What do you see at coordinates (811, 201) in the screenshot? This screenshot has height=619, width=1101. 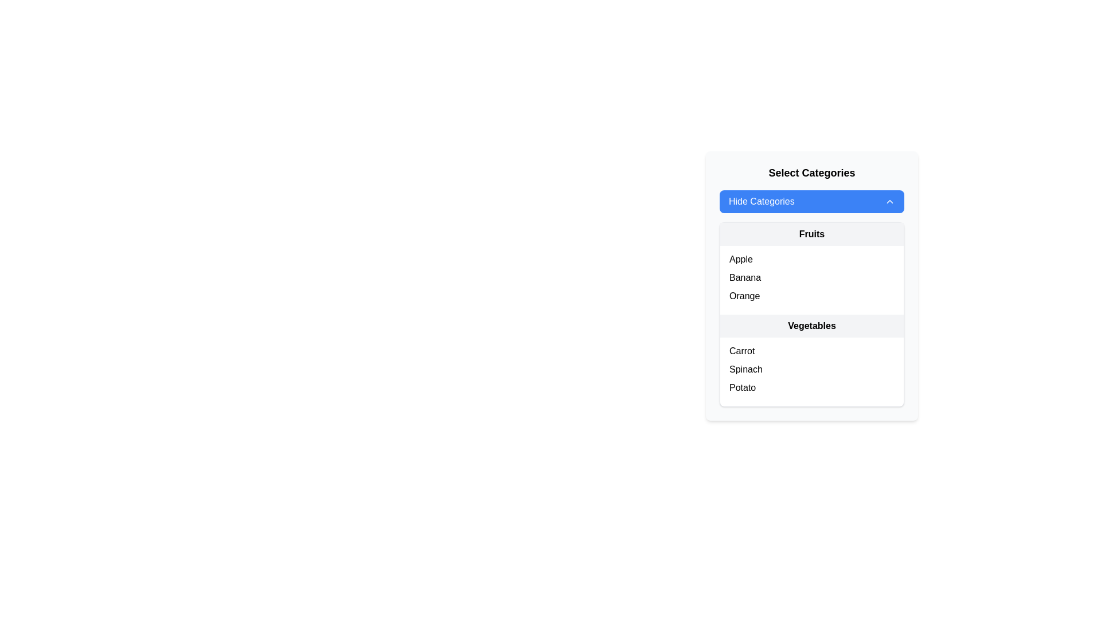 I see `the button that toggles the visibility of the categories listed below it, located beneath the heading 'Select Categories'` at bounding box center [811, 201].